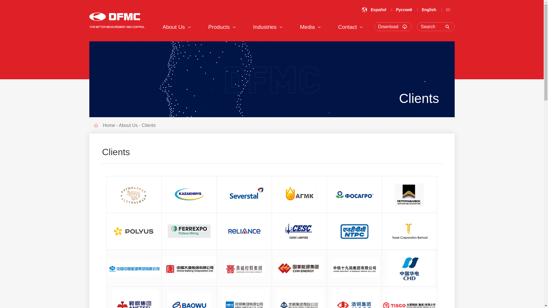 The height and width of the screenshot is (308, 548). I want to click on 'Download', so click(378, 27).